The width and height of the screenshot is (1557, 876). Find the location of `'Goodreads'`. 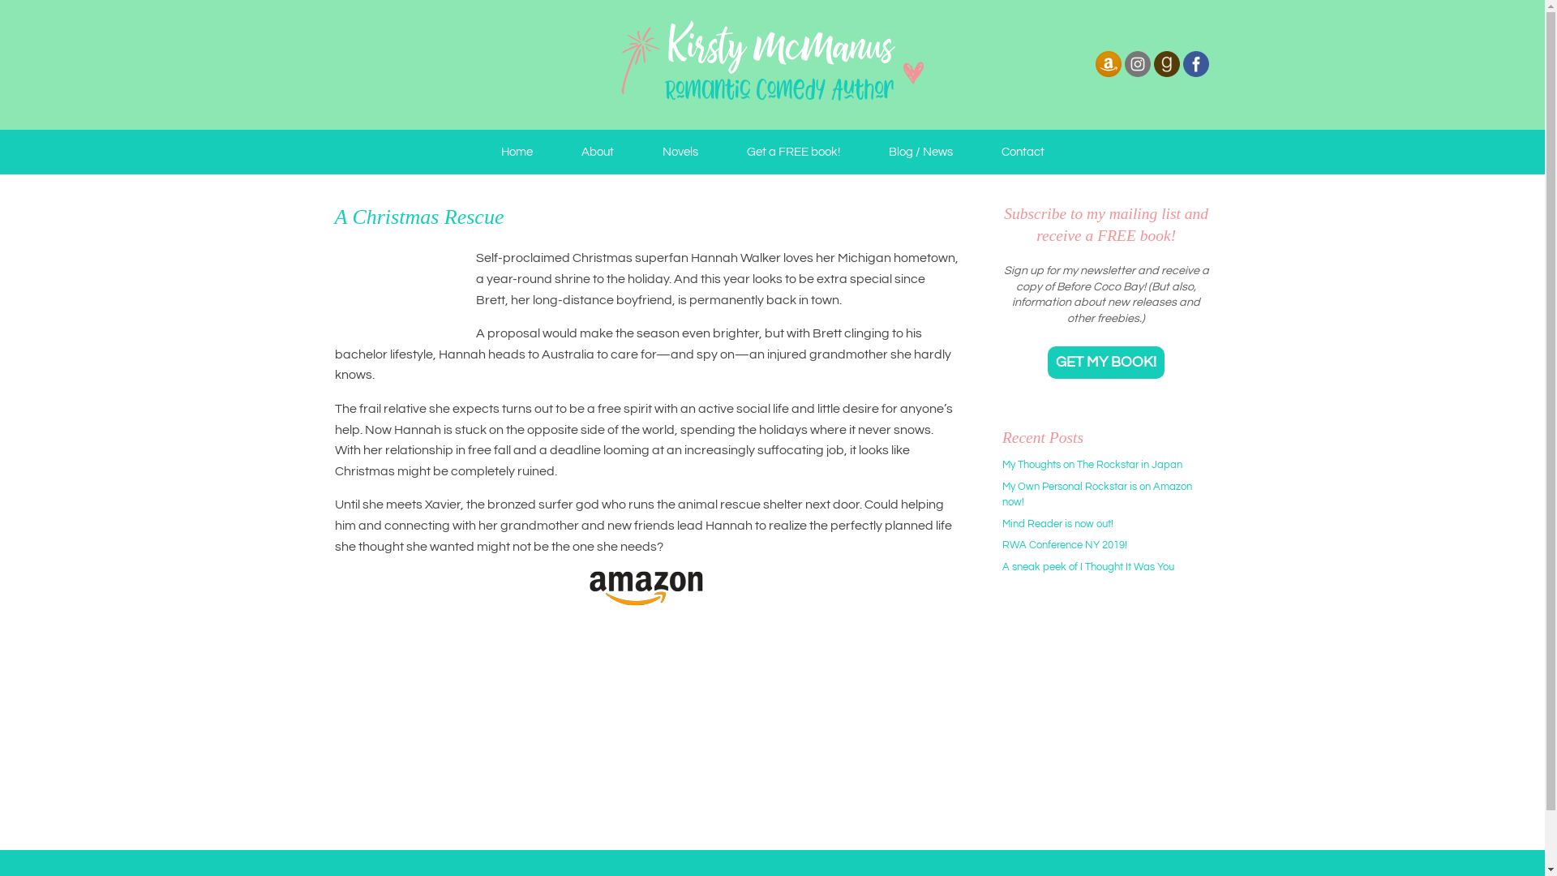

'Goodreads' is located at coordinates (1165, 75).